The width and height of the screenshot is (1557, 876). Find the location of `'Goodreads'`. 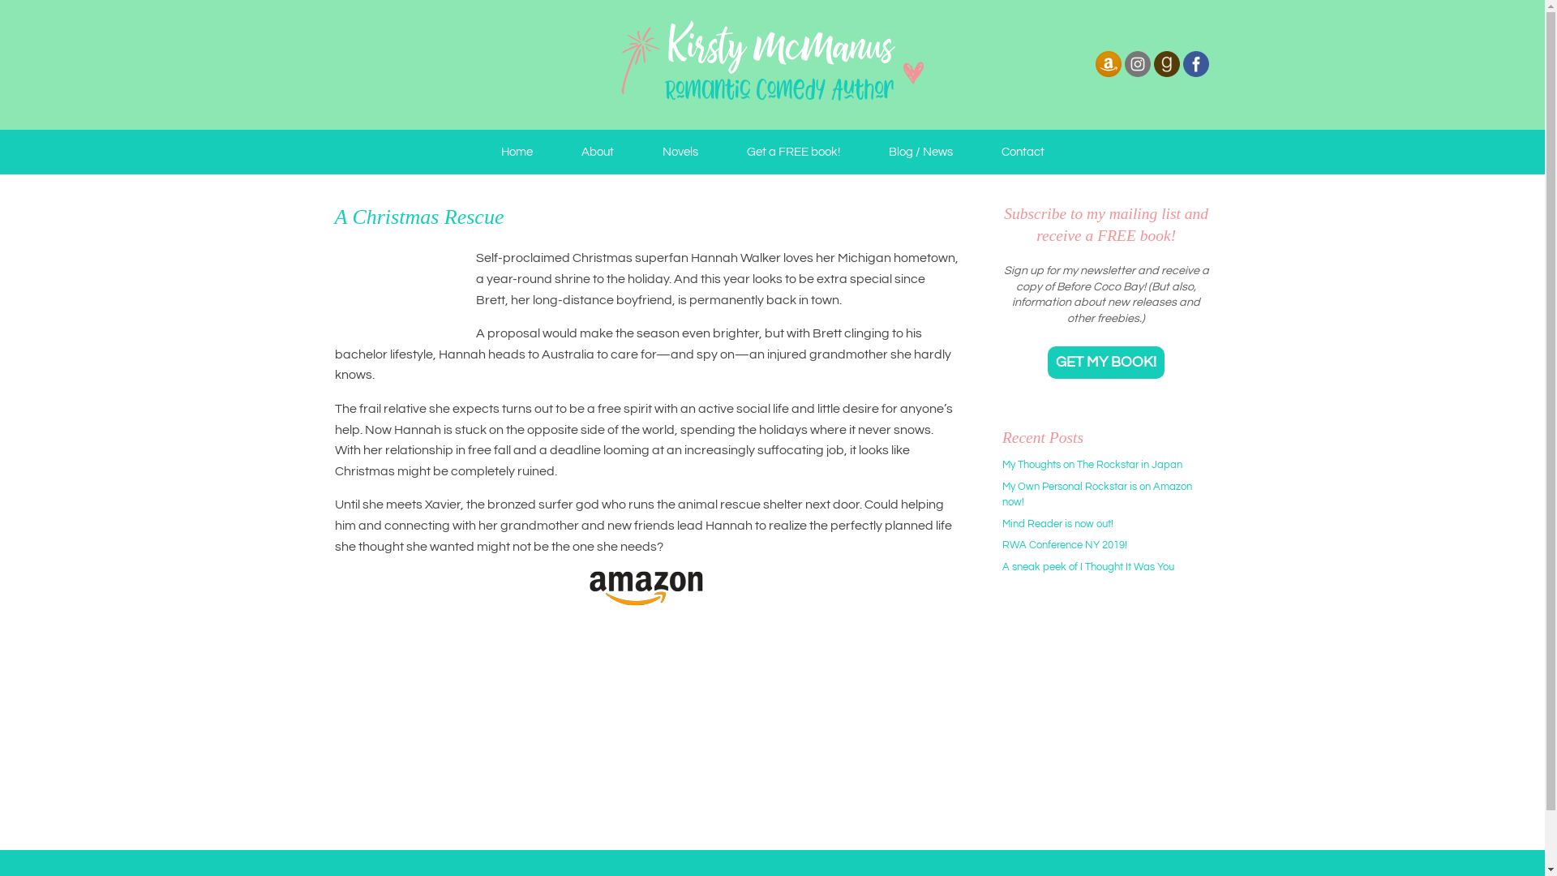

'Goodreads' is located at coordinates (1165, 75).